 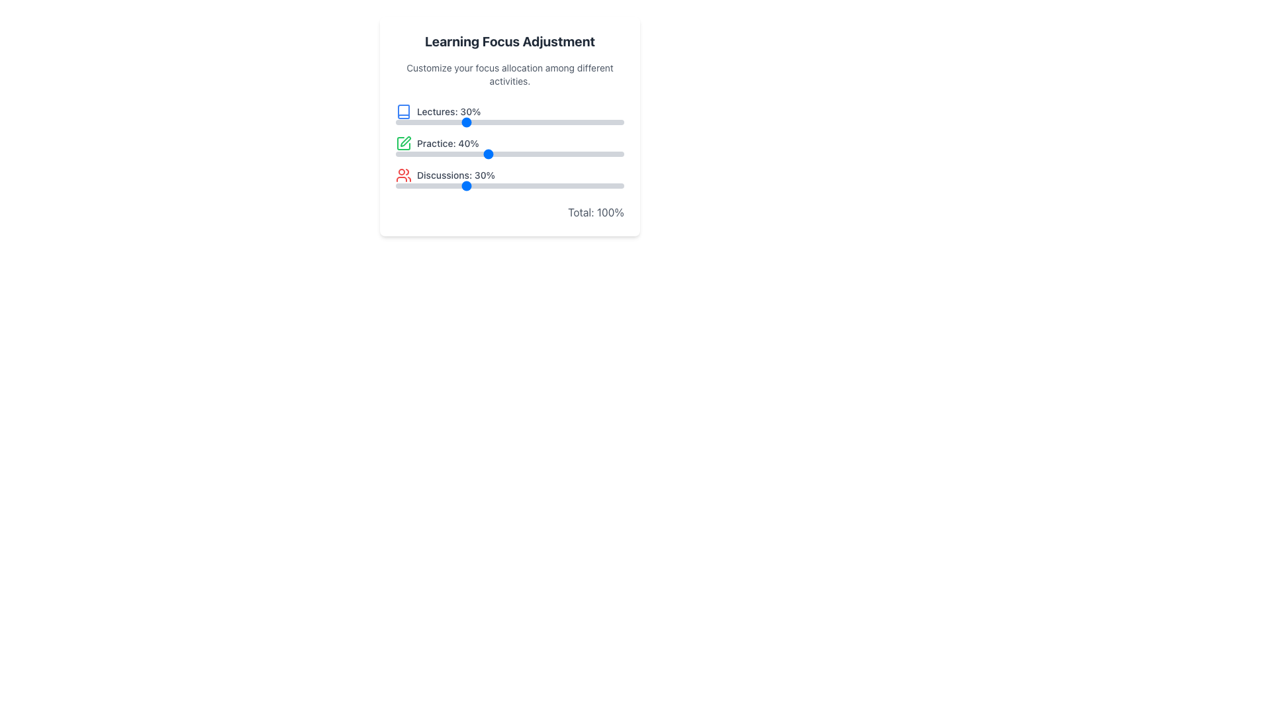 I want to click on the range slider bar located under the 'Practice: 40%' label to set a value, so click(x=509, y=153).